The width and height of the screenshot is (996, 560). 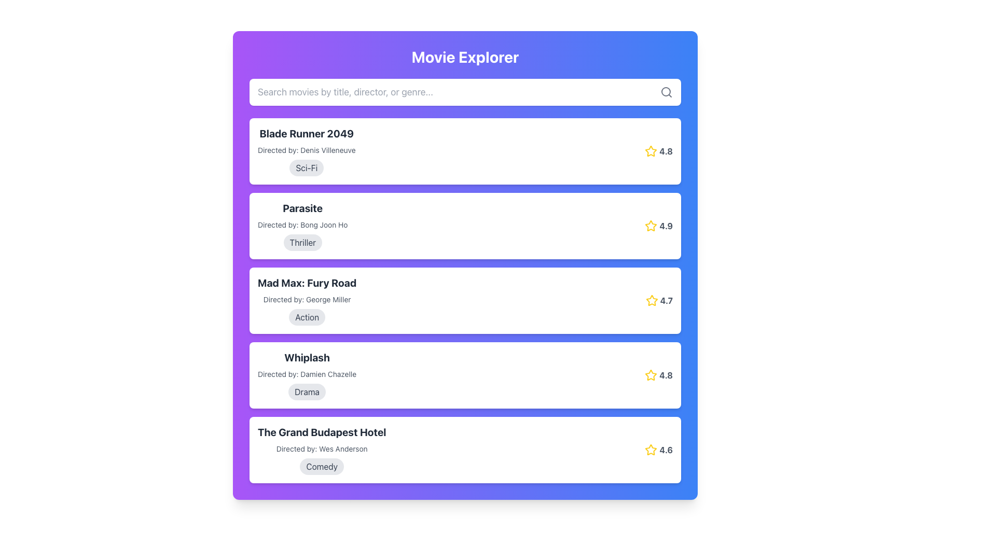 What do you see at coordinates (321, 466) in the screenshot?
I see `text content of the label styled as a rounded pill shape with a light gray background and dark gray text labeled 'Comedy', which is positioned below the movie's title and director information` at bounding box center [321, 466].